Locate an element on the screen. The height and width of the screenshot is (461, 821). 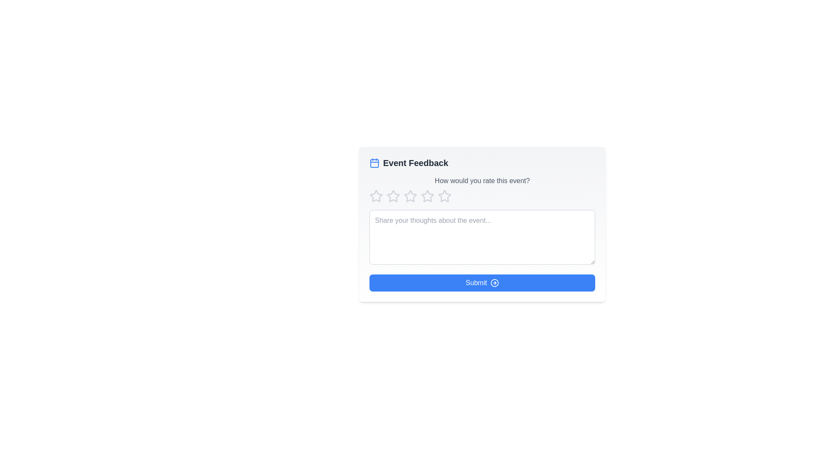
the event indication icon located to the left of the 'Event Feedback' text in the header area of the feedback form is located at coordinates (374, 163).